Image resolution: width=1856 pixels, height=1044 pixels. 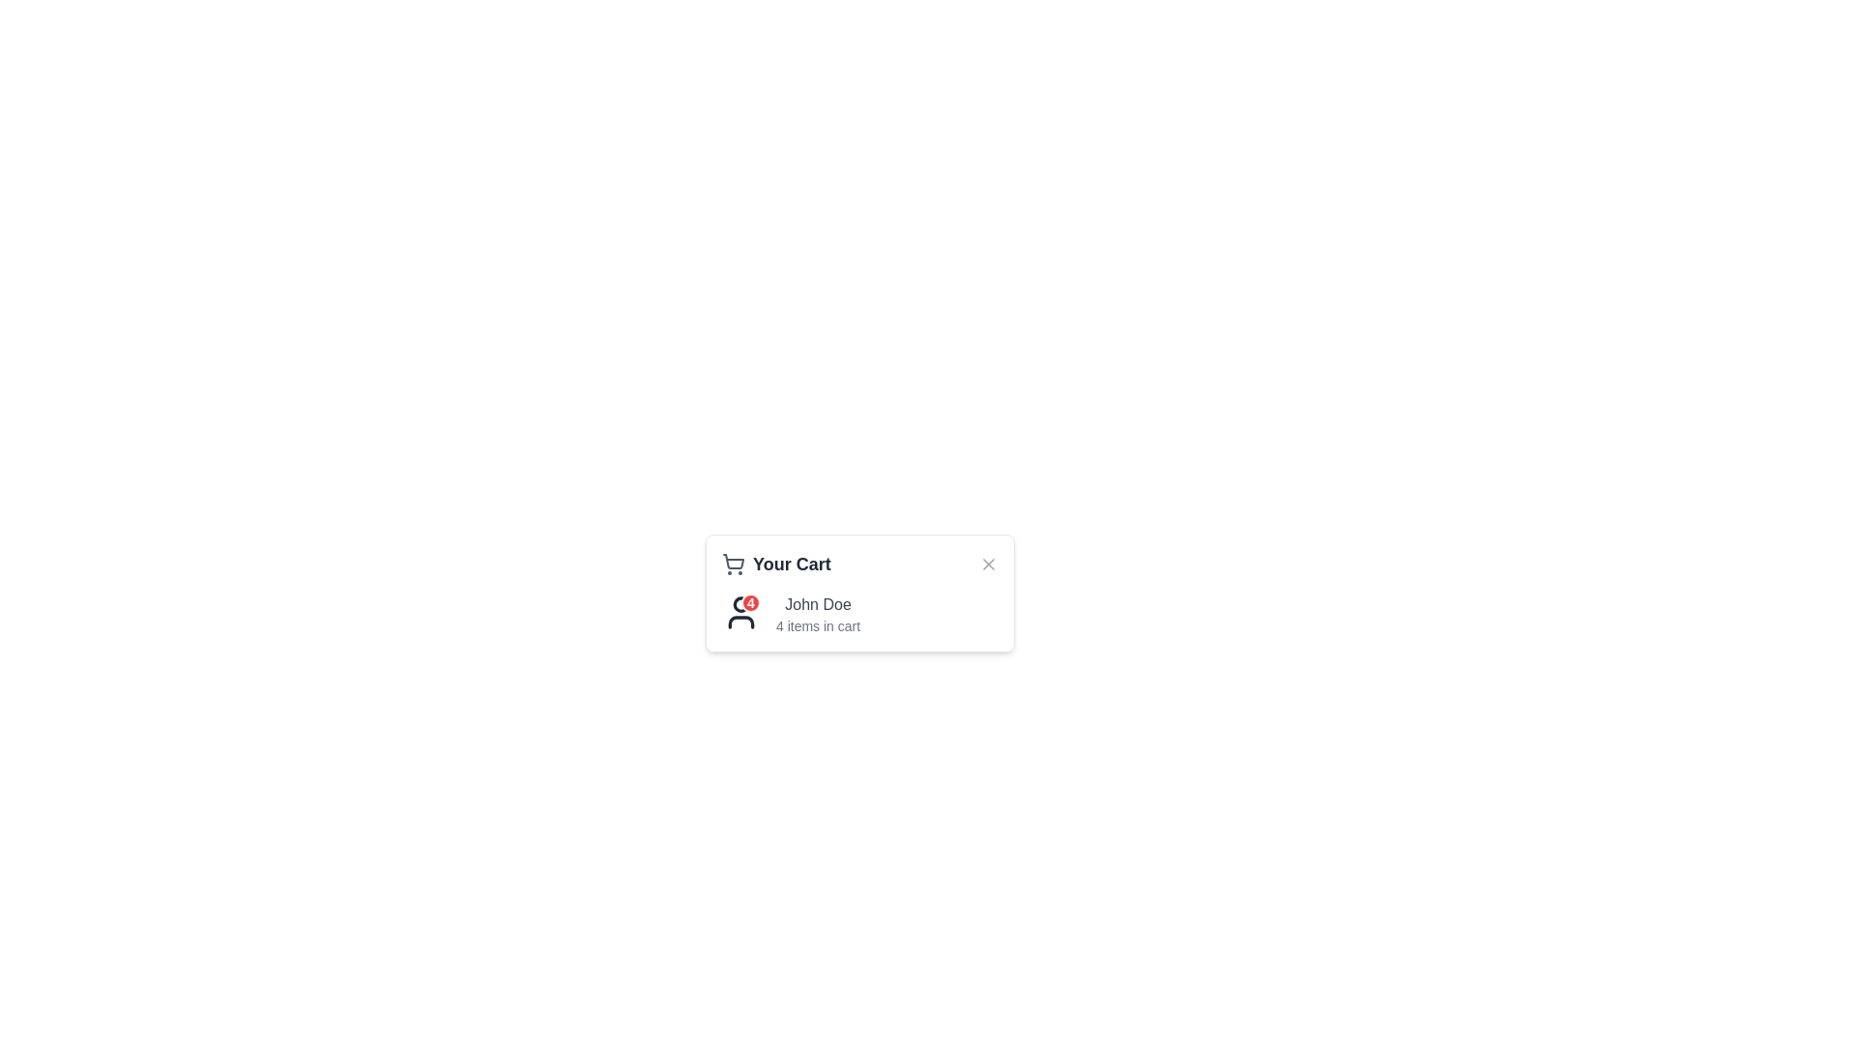 What do you see at coordinates (750, 602) in the screenshot?
I see `the notification badge located at the top-right corner of the user icon, which displays a count indicating notifications or tasks` at bounding box center [750, 602].